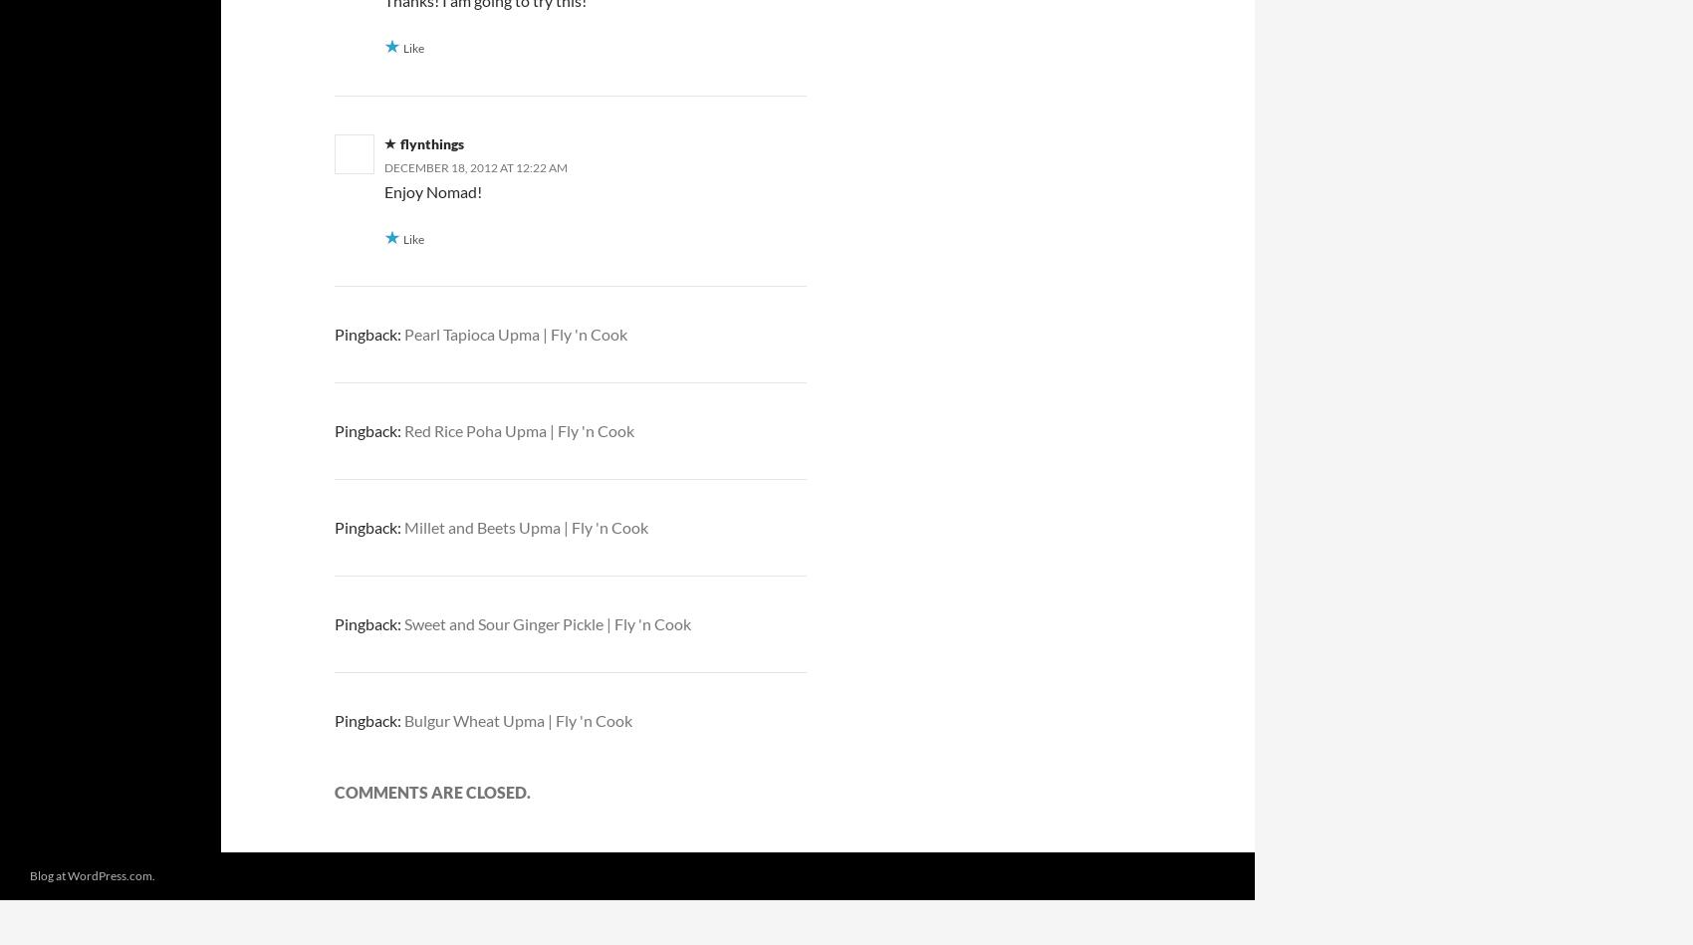  I want to click on 'Red Rice Poha Upma | Fly 'n Cook', so click(402, 430).